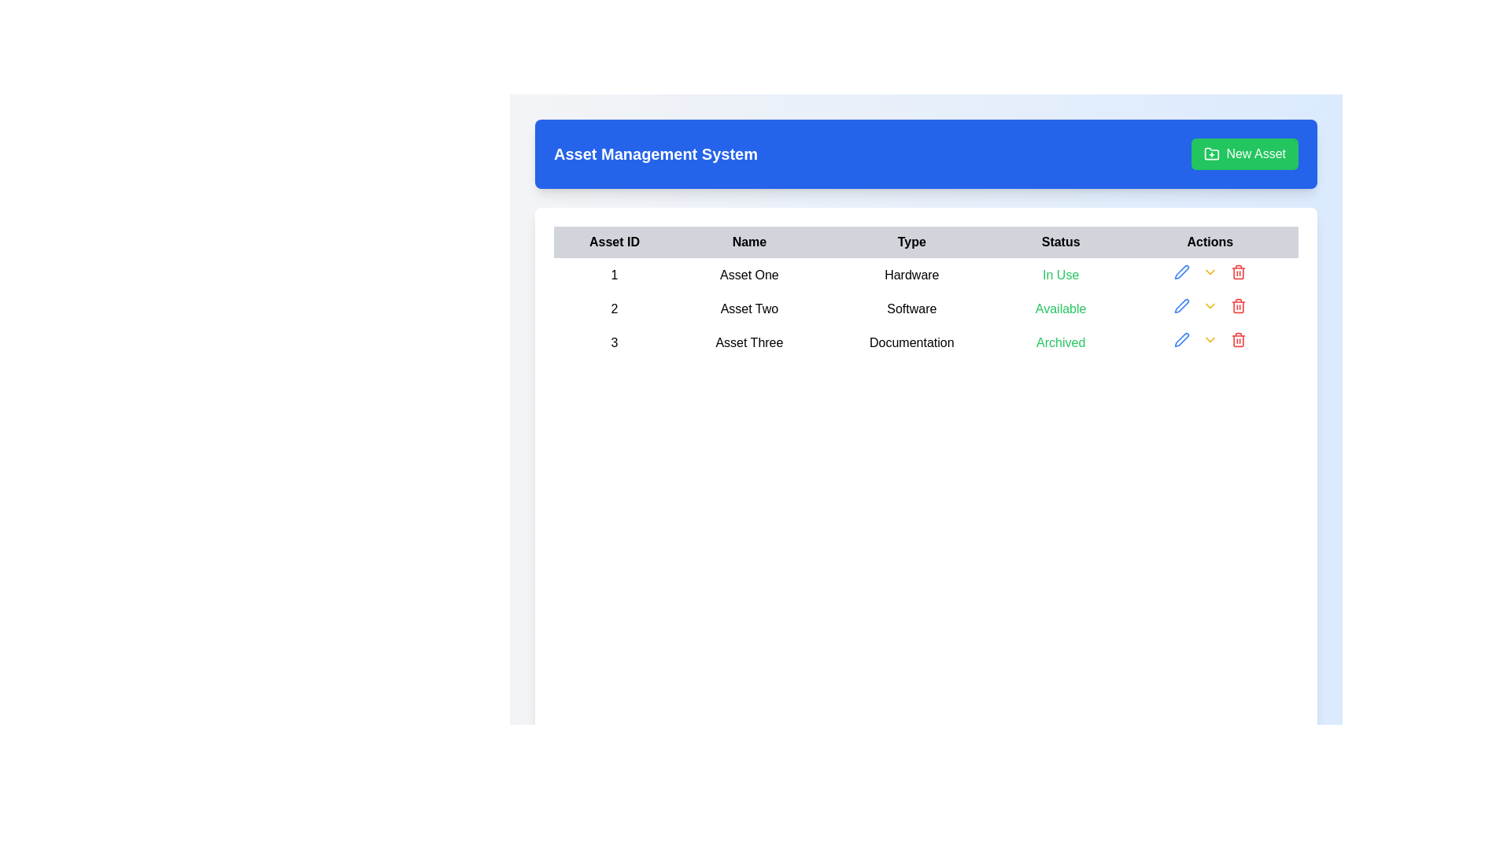 The height and width of the screenshot is (850, 1511). Describe the element at coordinates (613, 342) in the screenshot. I see `the 'Asset ID' text label in the third row of the Asset Management System table, which uniquely identifies an asset` at that location.